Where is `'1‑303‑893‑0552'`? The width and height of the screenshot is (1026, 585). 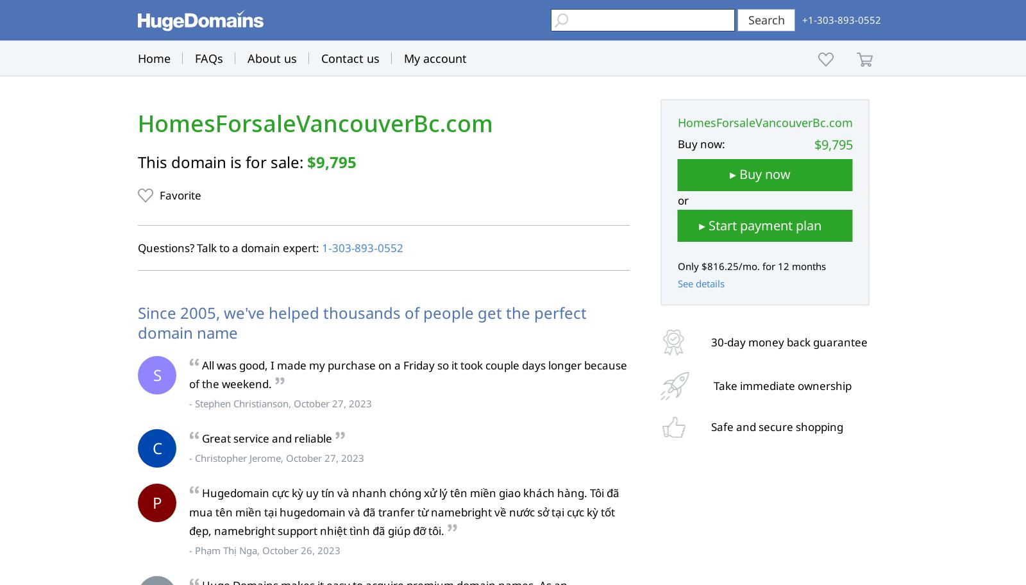 '1‑303‑893‑0552' is located at coordinates (361, 247).